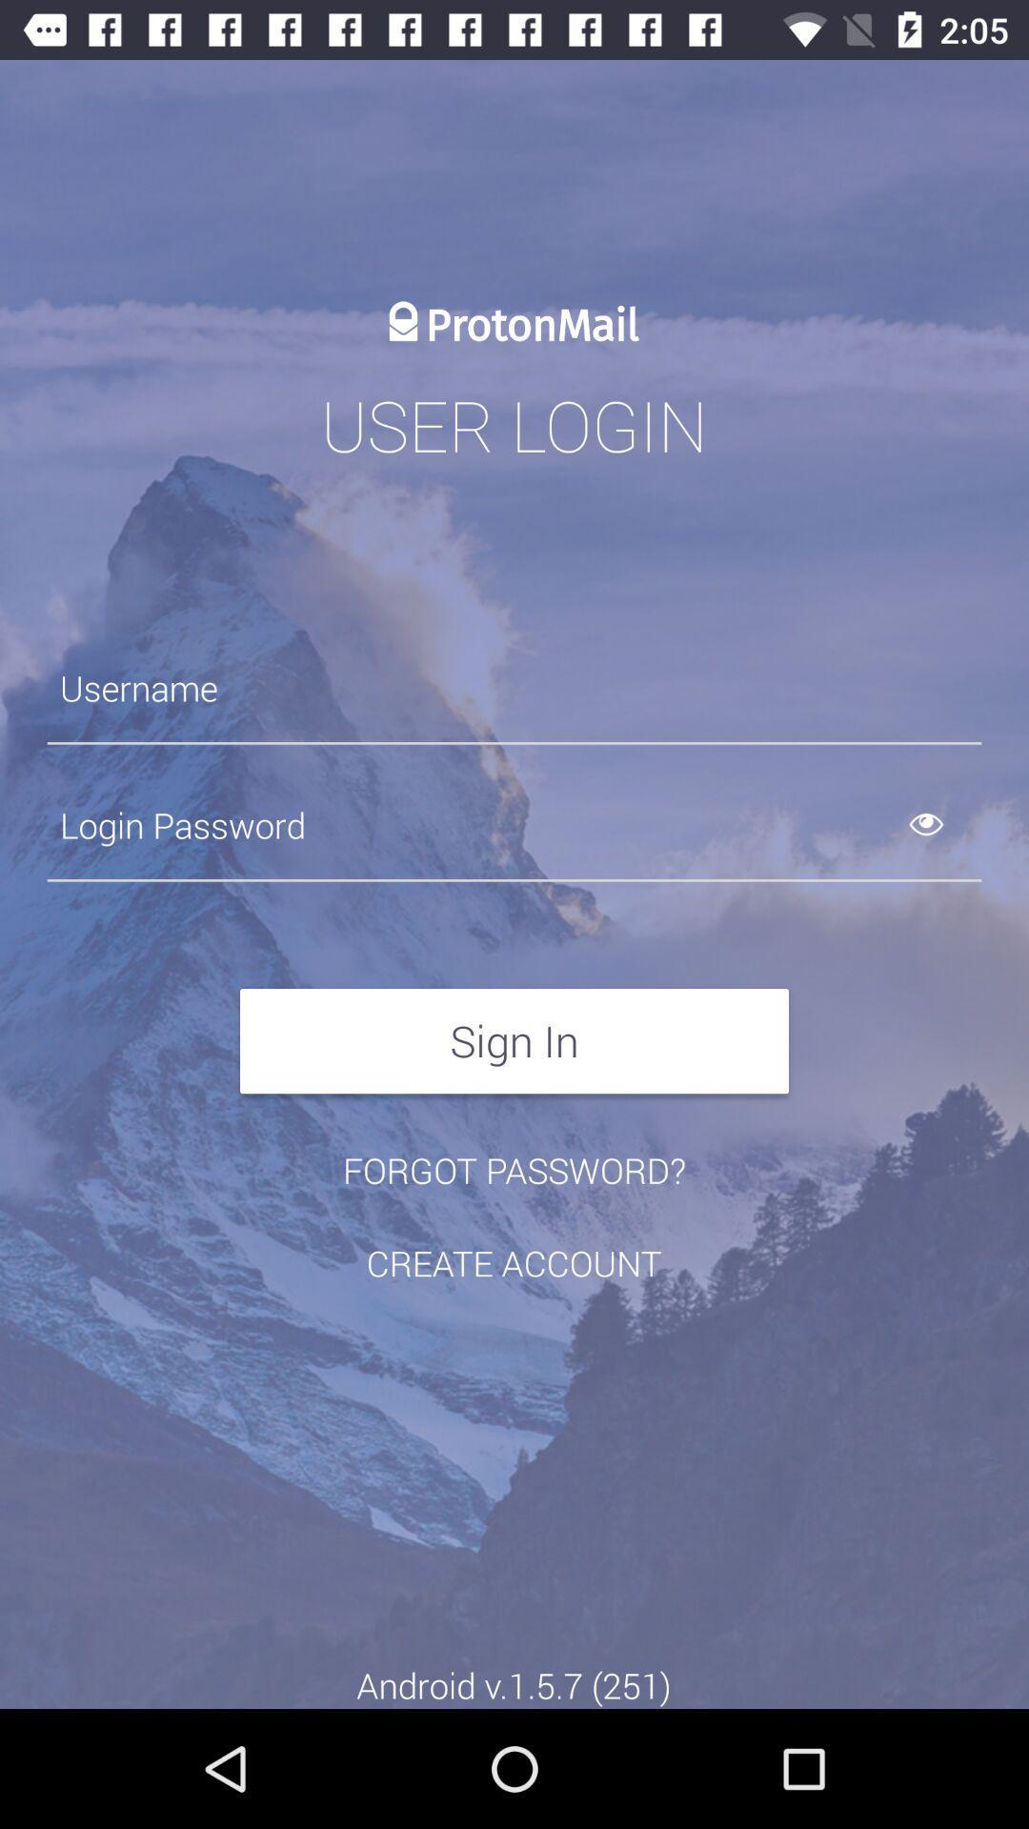 The height and width of the screenshot is (1829, 1029). I want to click on icon above the forgot password? icon, so click(514, 1040).